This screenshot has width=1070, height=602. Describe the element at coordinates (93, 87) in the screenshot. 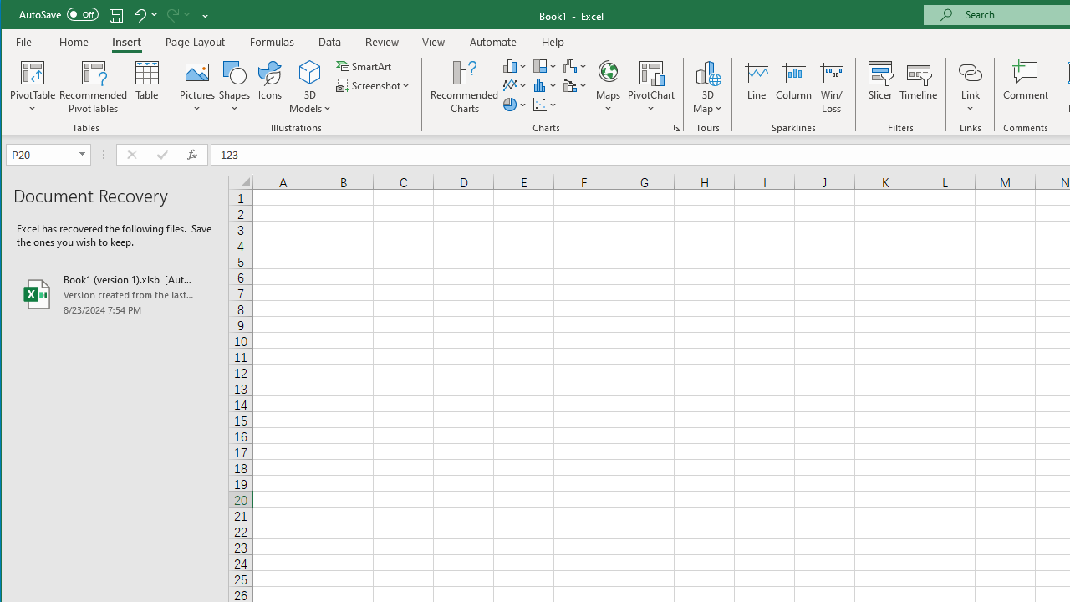

I see `'Recommended PivotTables'` at that location.